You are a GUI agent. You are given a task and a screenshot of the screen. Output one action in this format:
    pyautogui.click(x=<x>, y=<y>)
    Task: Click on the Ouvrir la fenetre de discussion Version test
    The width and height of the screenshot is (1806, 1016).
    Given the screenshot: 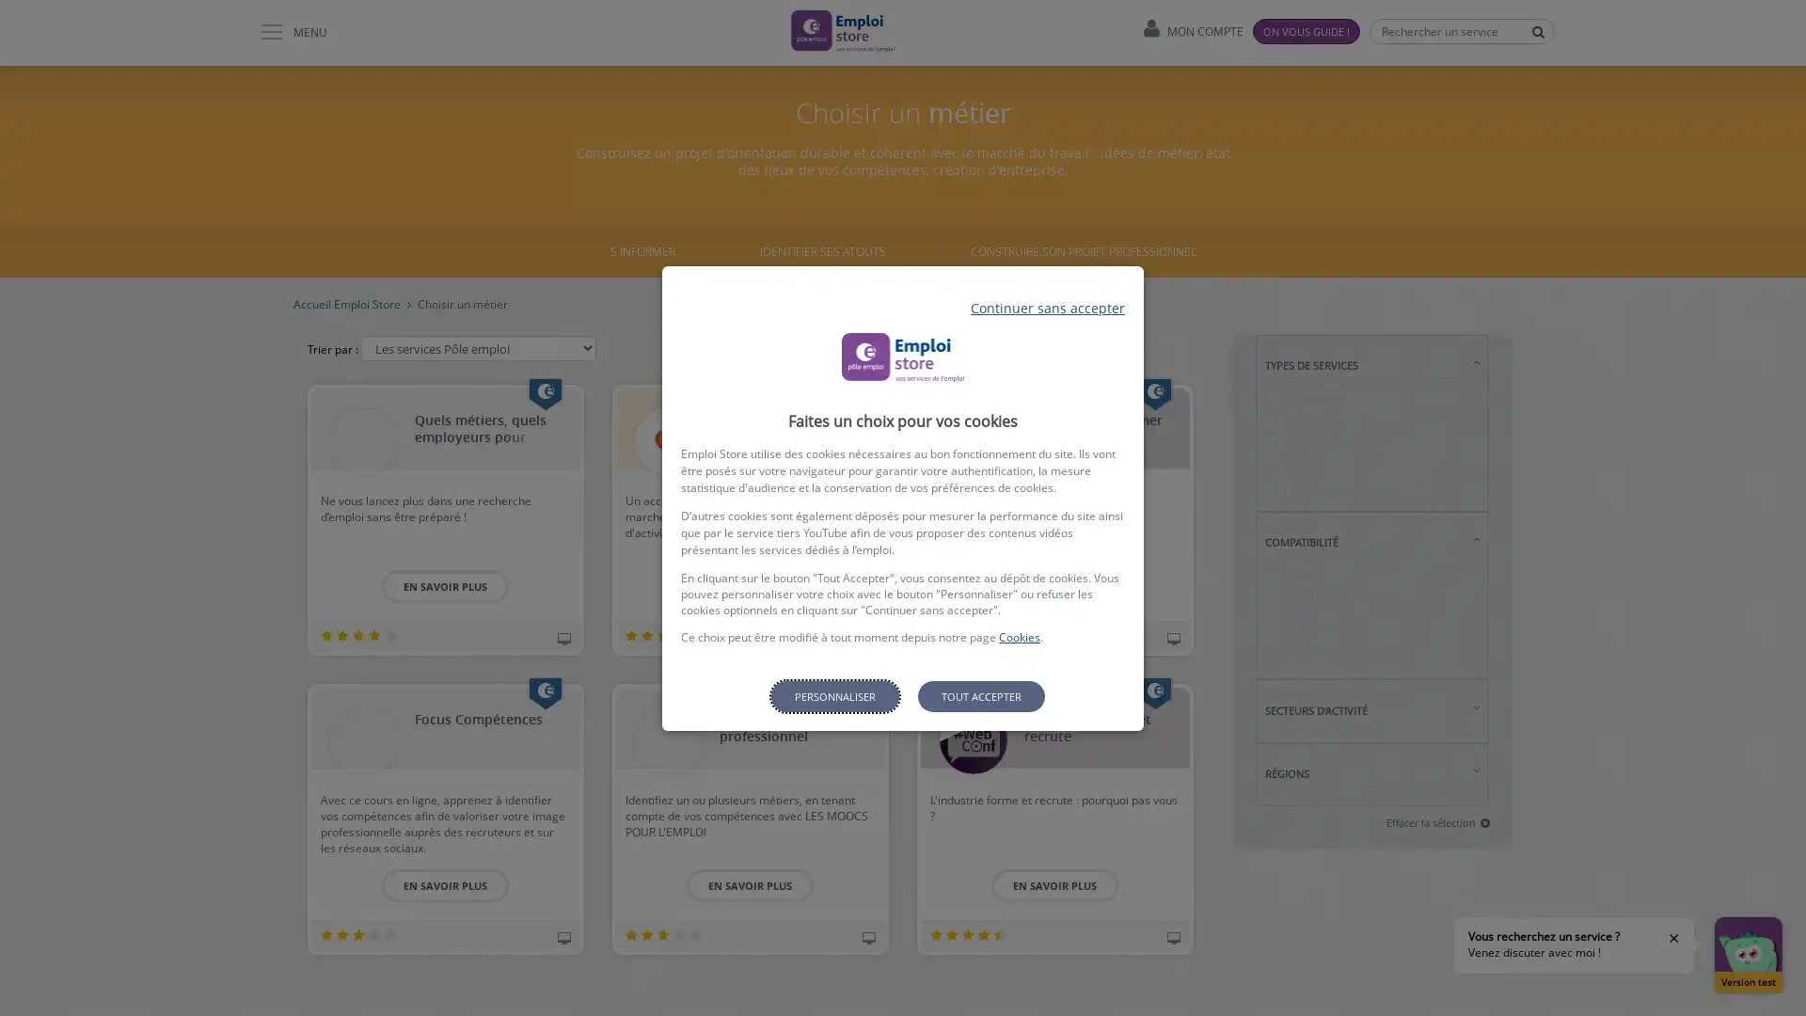 What is the action you would take?
    pyautogui.click(x=1747, y=954)
    